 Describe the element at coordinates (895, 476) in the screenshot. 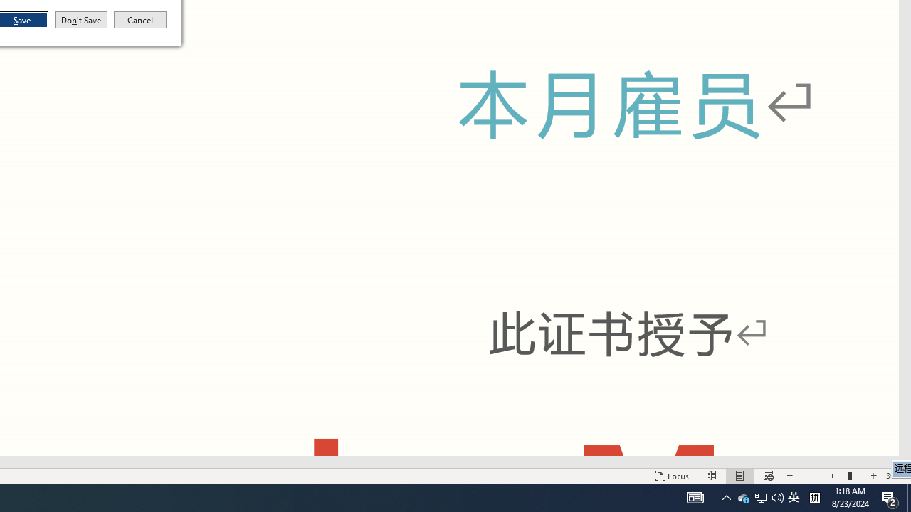

I see `'Zoom 308%'` at that location.